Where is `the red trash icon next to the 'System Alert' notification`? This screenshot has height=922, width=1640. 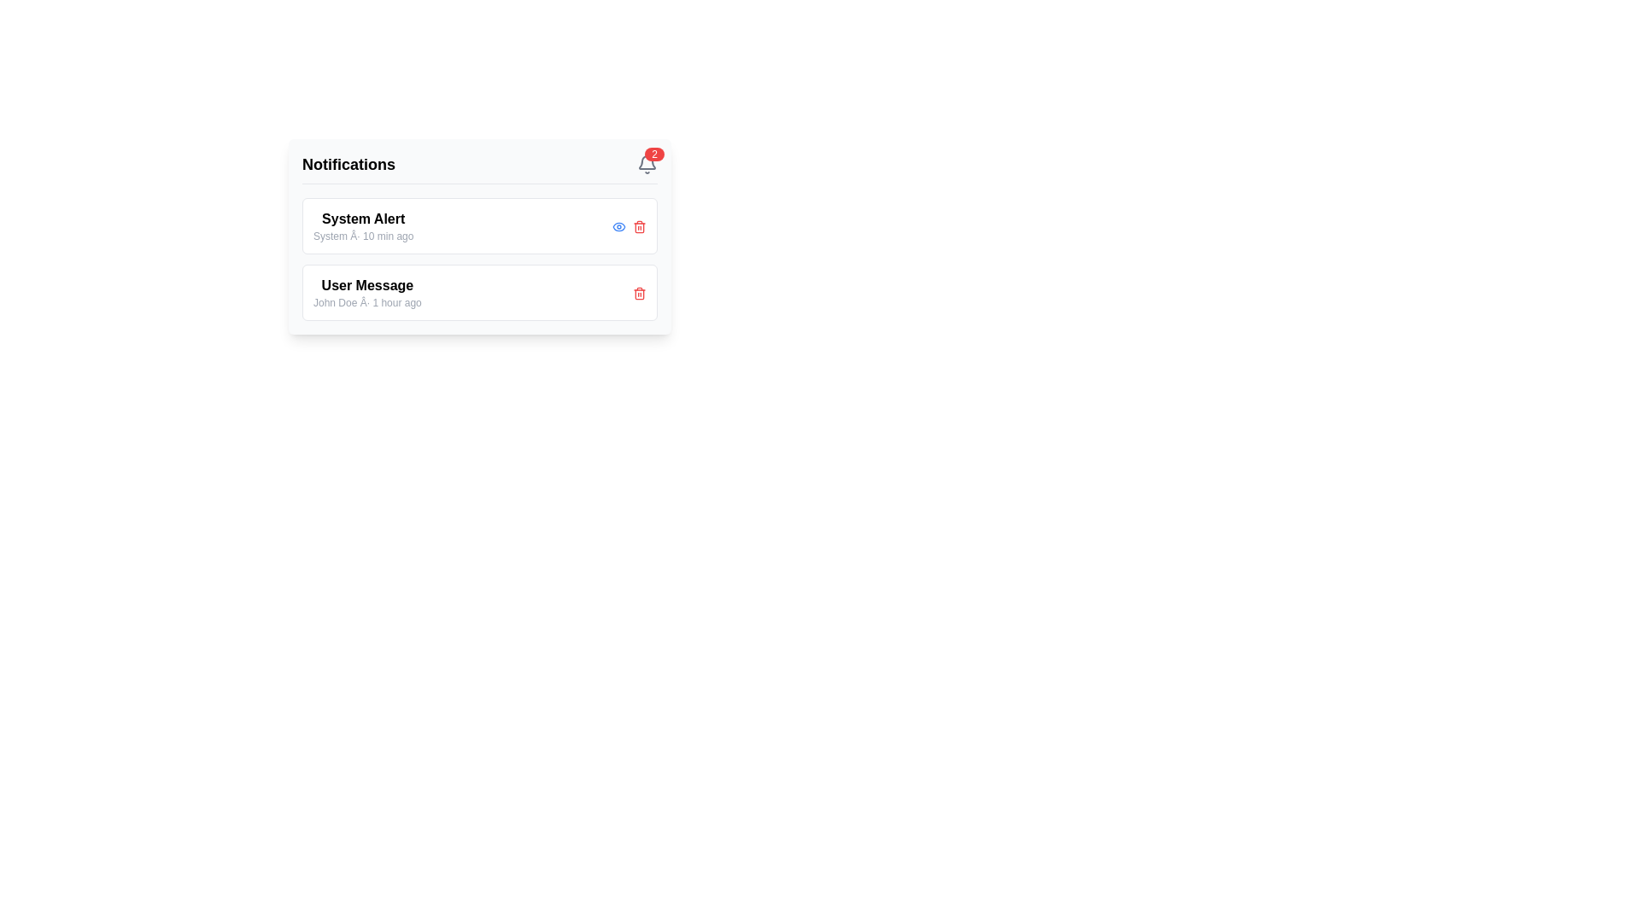 the red trash icon next to the 'System Alert' notification is located at coordinates (638, 225).